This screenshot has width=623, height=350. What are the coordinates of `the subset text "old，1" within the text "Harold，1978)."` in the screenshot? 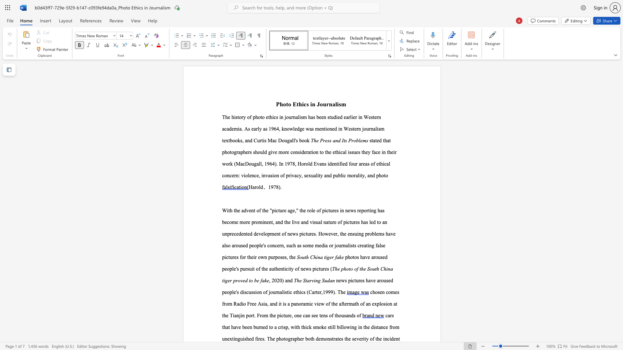 It's located at (256, 187).